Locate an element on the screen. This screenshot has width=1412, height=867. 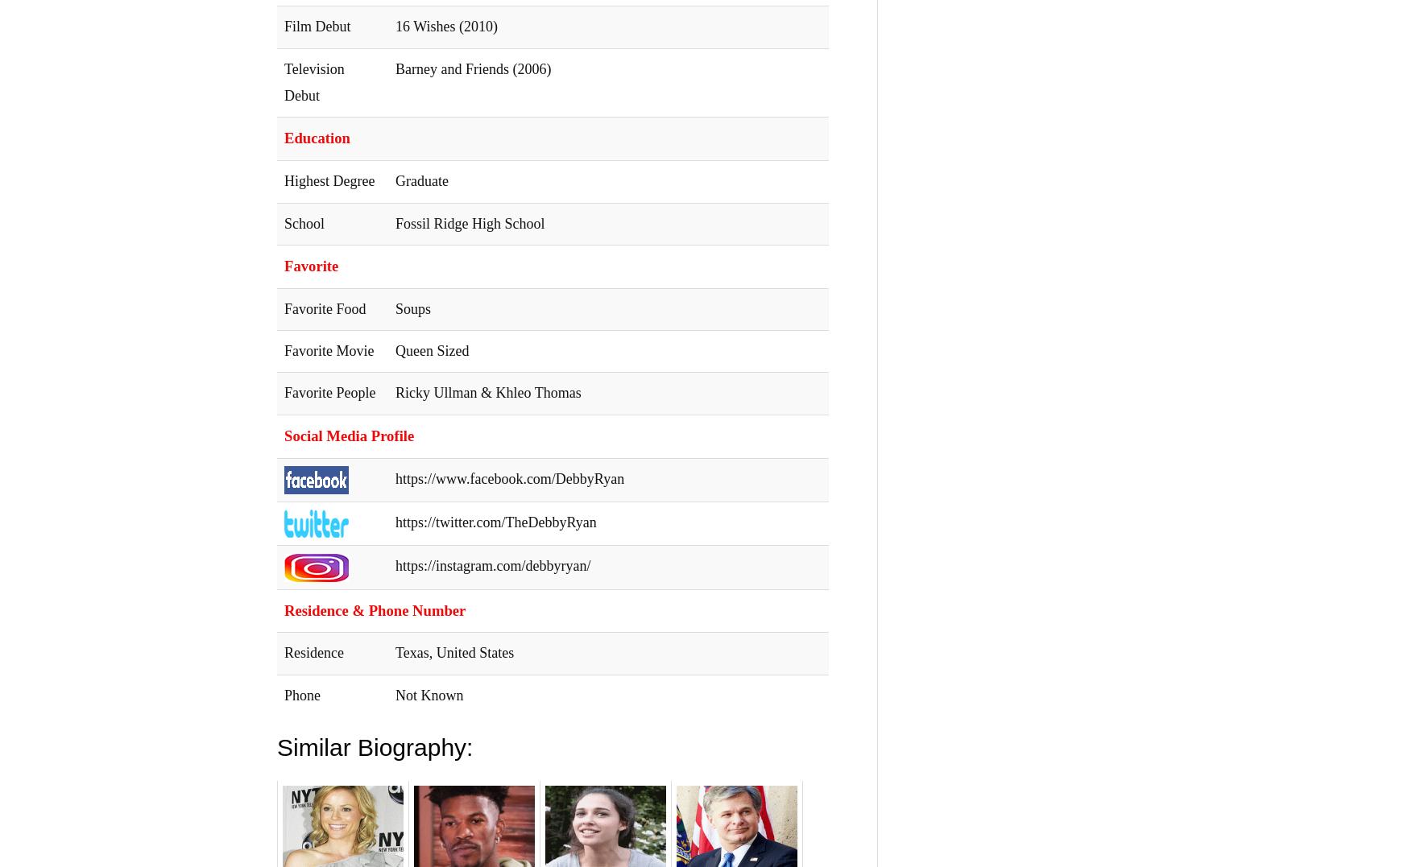
'https://twitter.com/TheDebbyRyan' is located at coordinates (495, 522).